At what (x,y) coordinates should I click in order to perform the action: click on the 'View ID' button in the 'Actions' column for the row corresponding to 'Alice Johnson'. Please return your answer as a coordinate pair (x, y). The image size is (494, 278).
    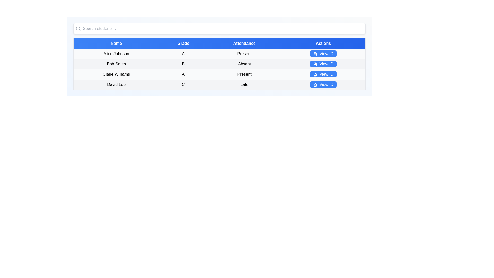
    Looking at the image, I should click on (323, 54).